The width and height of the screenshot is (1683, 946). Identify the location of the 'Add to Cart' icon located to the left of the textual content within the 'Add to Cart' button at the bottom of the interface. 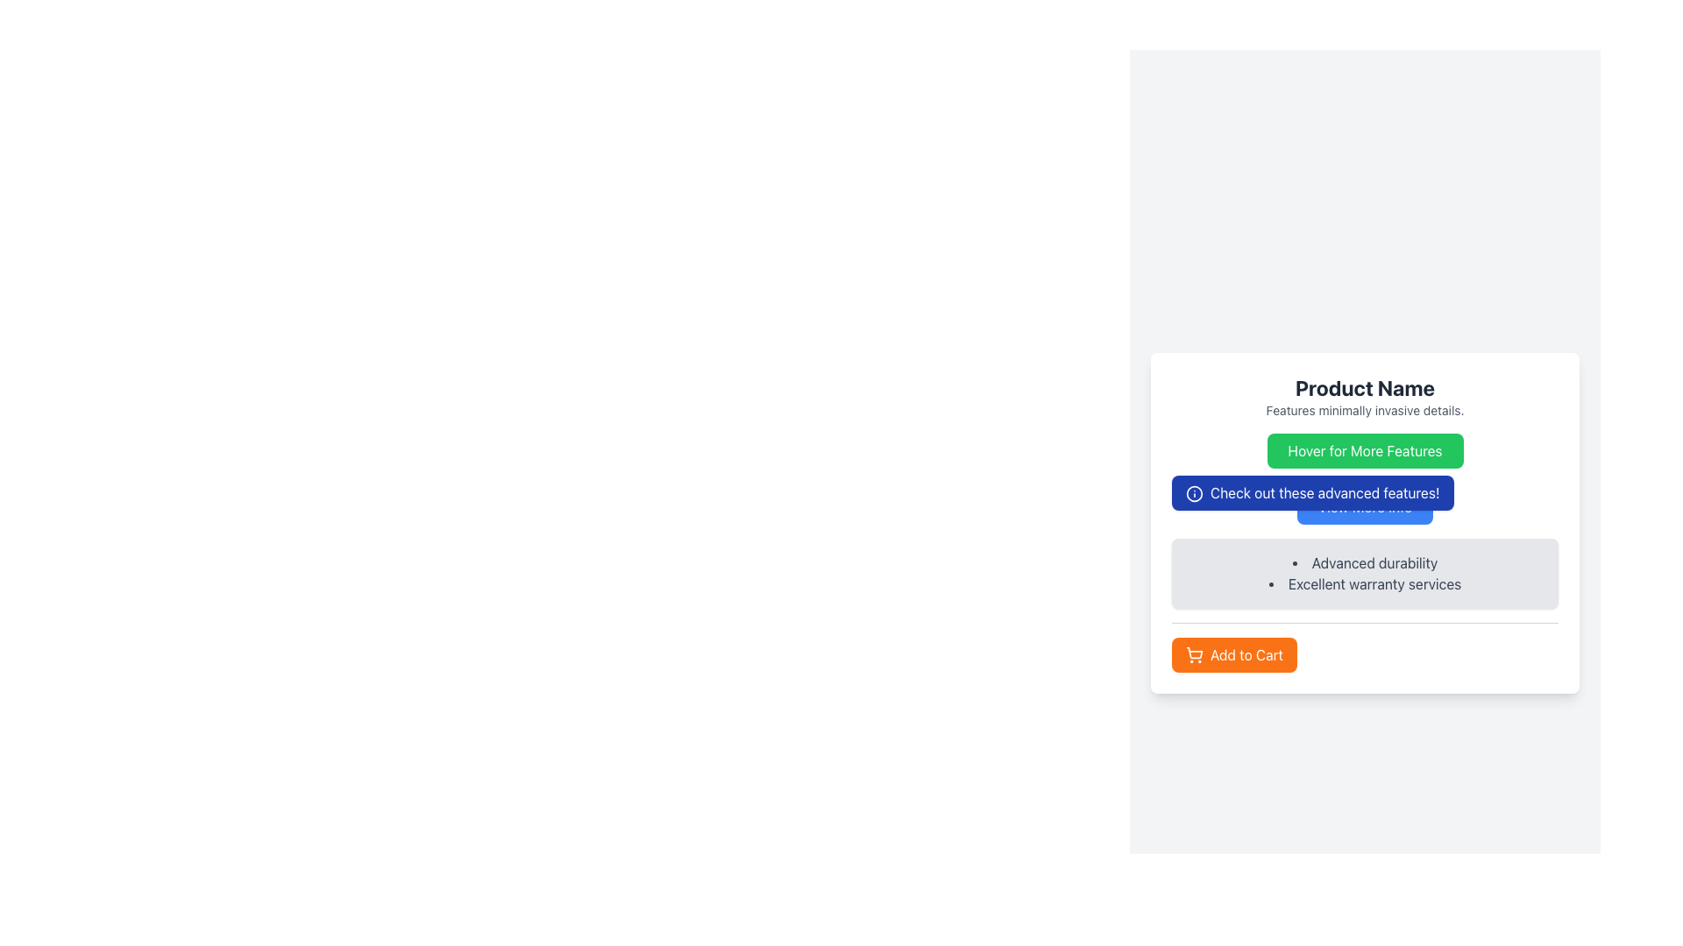
(1194, 654).